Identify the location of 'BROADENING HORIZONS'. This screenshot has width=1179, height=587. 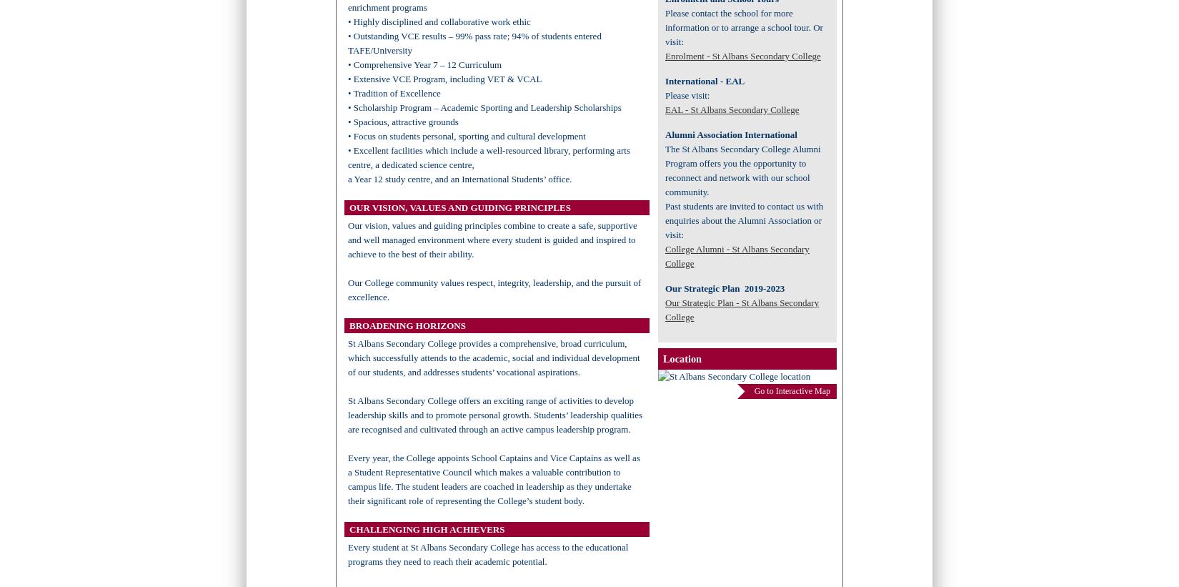
(407, 325).